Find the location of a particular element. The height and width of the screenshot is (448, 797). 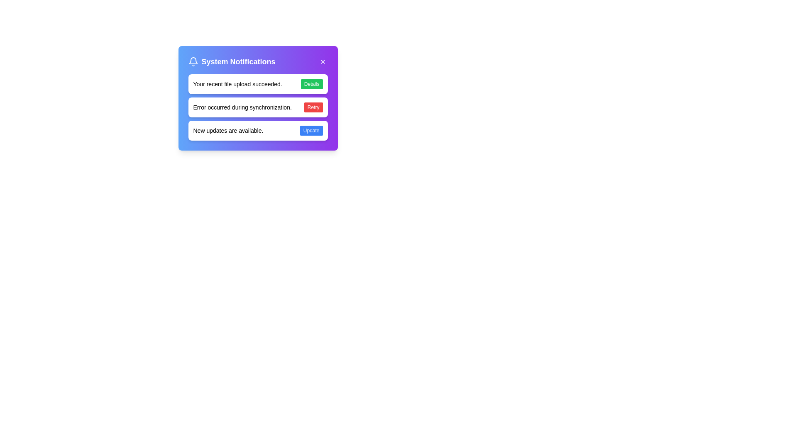

the bold, large-sized text label displaying 'System Notifications' which is aligned on a purple gradient background, located in the top section of the interface is located at coordinates (238, 61).